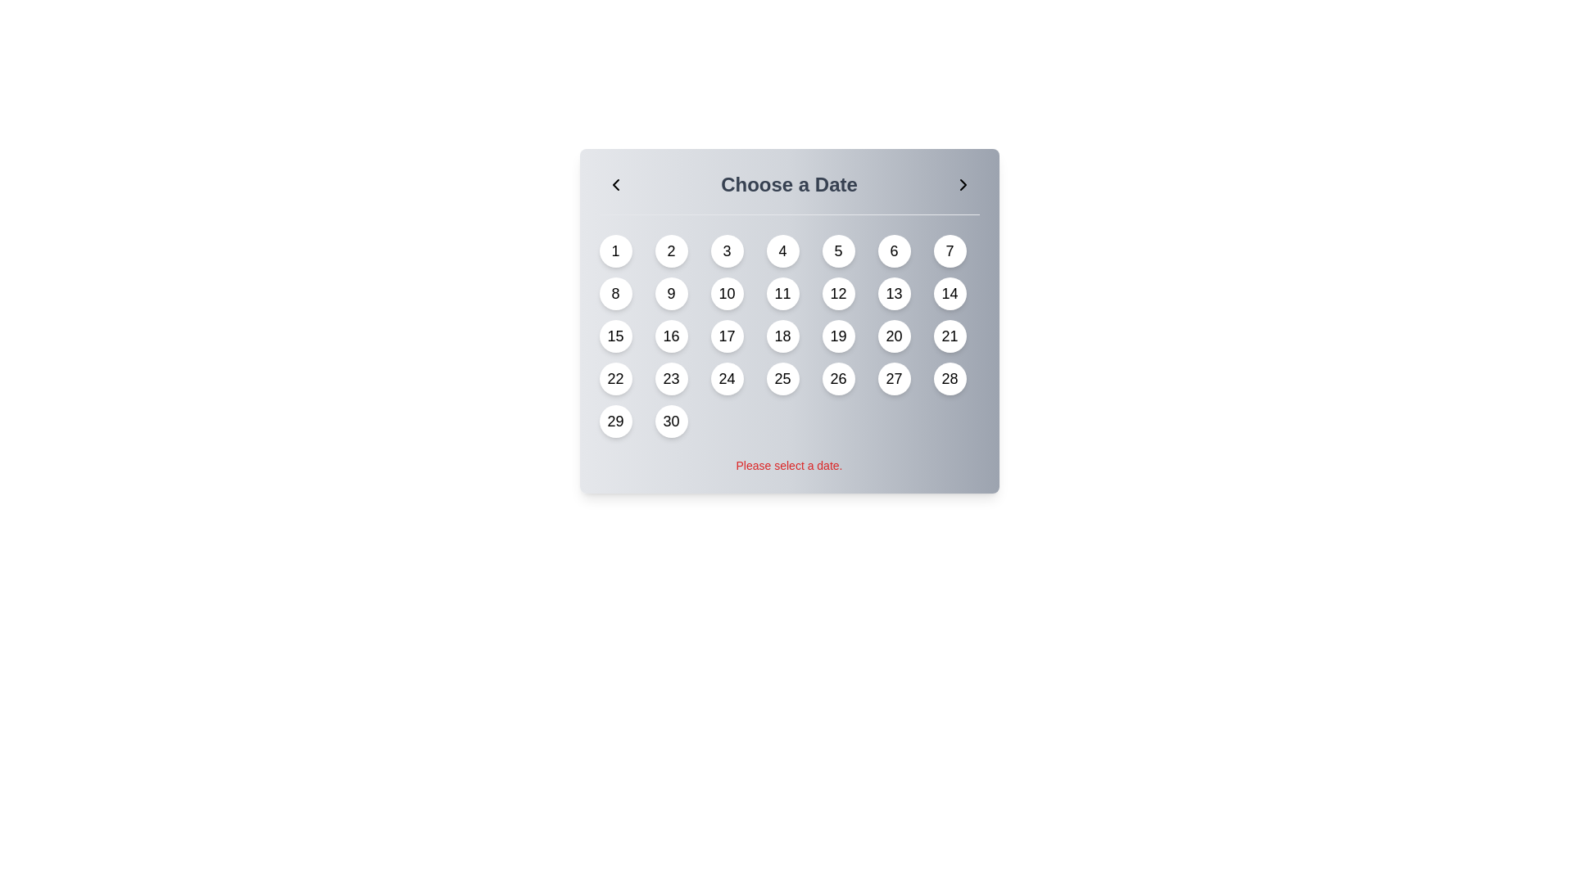 The image size is (1573, 884). Describe the element at coordinates (782, 251) in the screenshot. I see `the circular button displaying the number '4' in black text on a white background` at that location.